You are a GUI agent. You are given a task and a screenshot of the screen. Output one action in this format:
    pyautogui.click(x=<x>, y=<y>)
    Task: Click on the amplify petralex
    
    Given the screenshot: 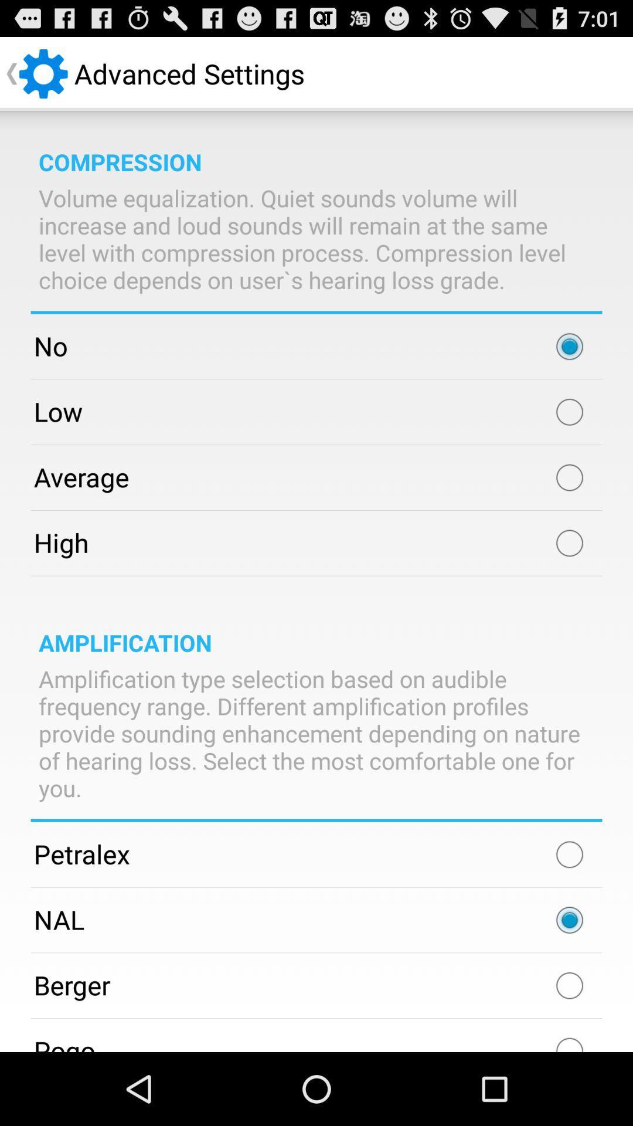 What is the action you would take?
    pyautogui.click(x=569, y=854)
    